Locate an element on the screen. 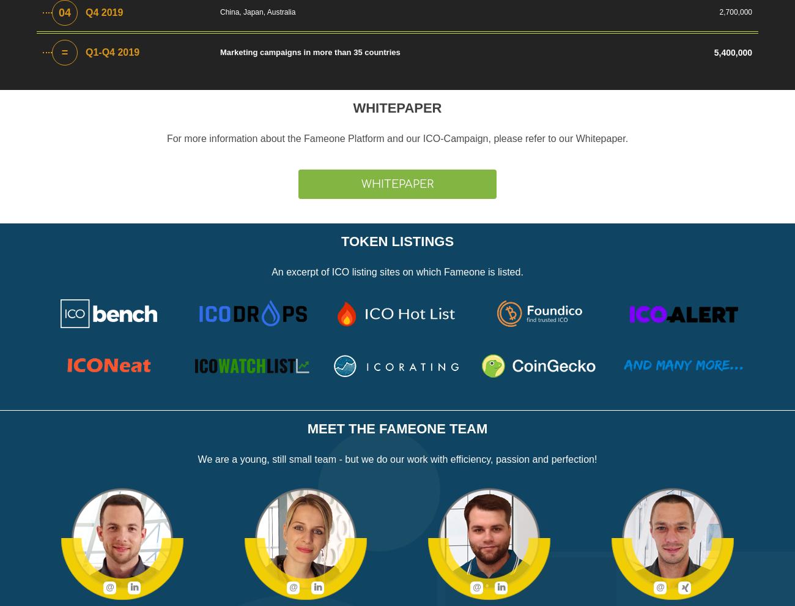 This screenshot has width=795, height=606. 'Marketing campaigns in more than 35 countries' is located at coordinates (219, 52).